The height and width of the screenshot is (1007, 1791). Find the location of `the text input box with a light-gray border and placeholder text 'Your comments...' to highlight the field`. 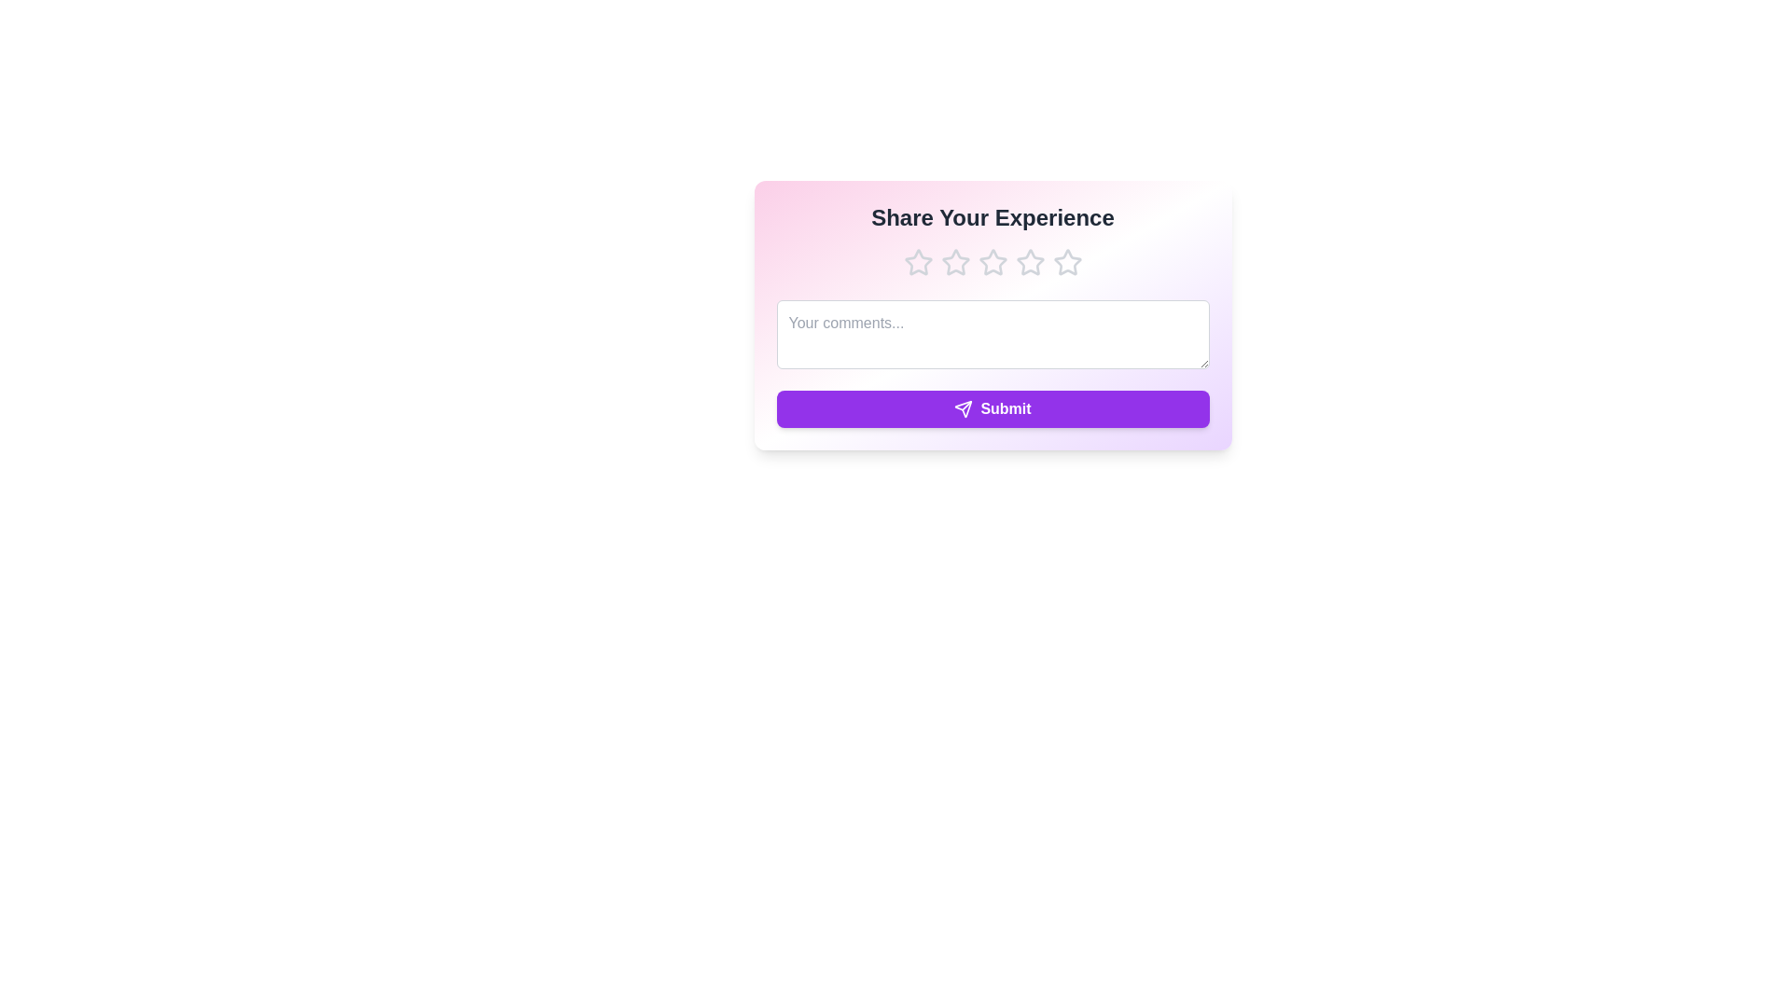

the text input box with a light-gray border and placeholder text 'Your comments...' to highlight the field is located at coordinates (992, 333).